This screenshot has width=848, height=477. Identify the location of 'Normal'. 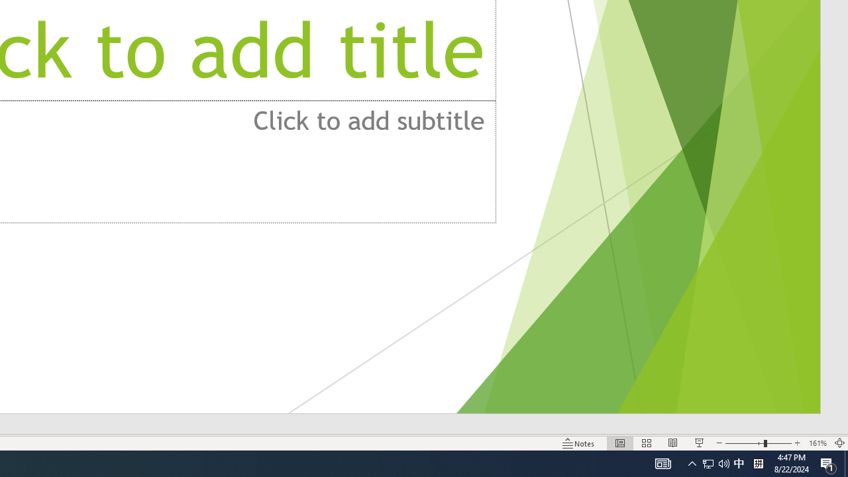
(619, 443).